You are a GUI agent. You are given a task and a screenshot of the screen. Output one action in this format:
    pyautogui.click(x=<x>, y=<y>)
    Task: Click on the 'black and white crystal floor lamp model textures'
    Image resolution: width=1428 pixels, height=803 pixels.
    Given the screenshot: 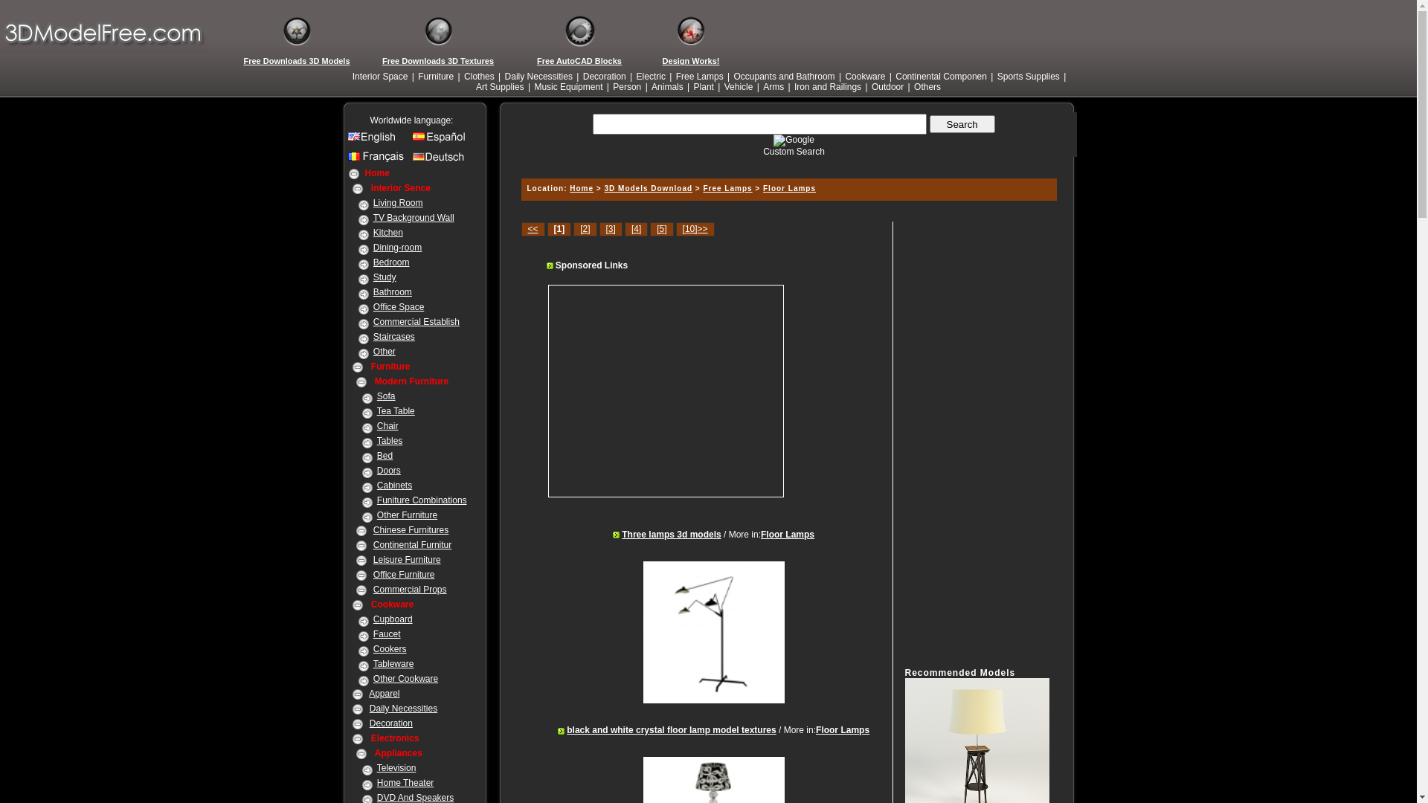 What is the action you would take?
    pyautogui.click(x=670, y=729)
    